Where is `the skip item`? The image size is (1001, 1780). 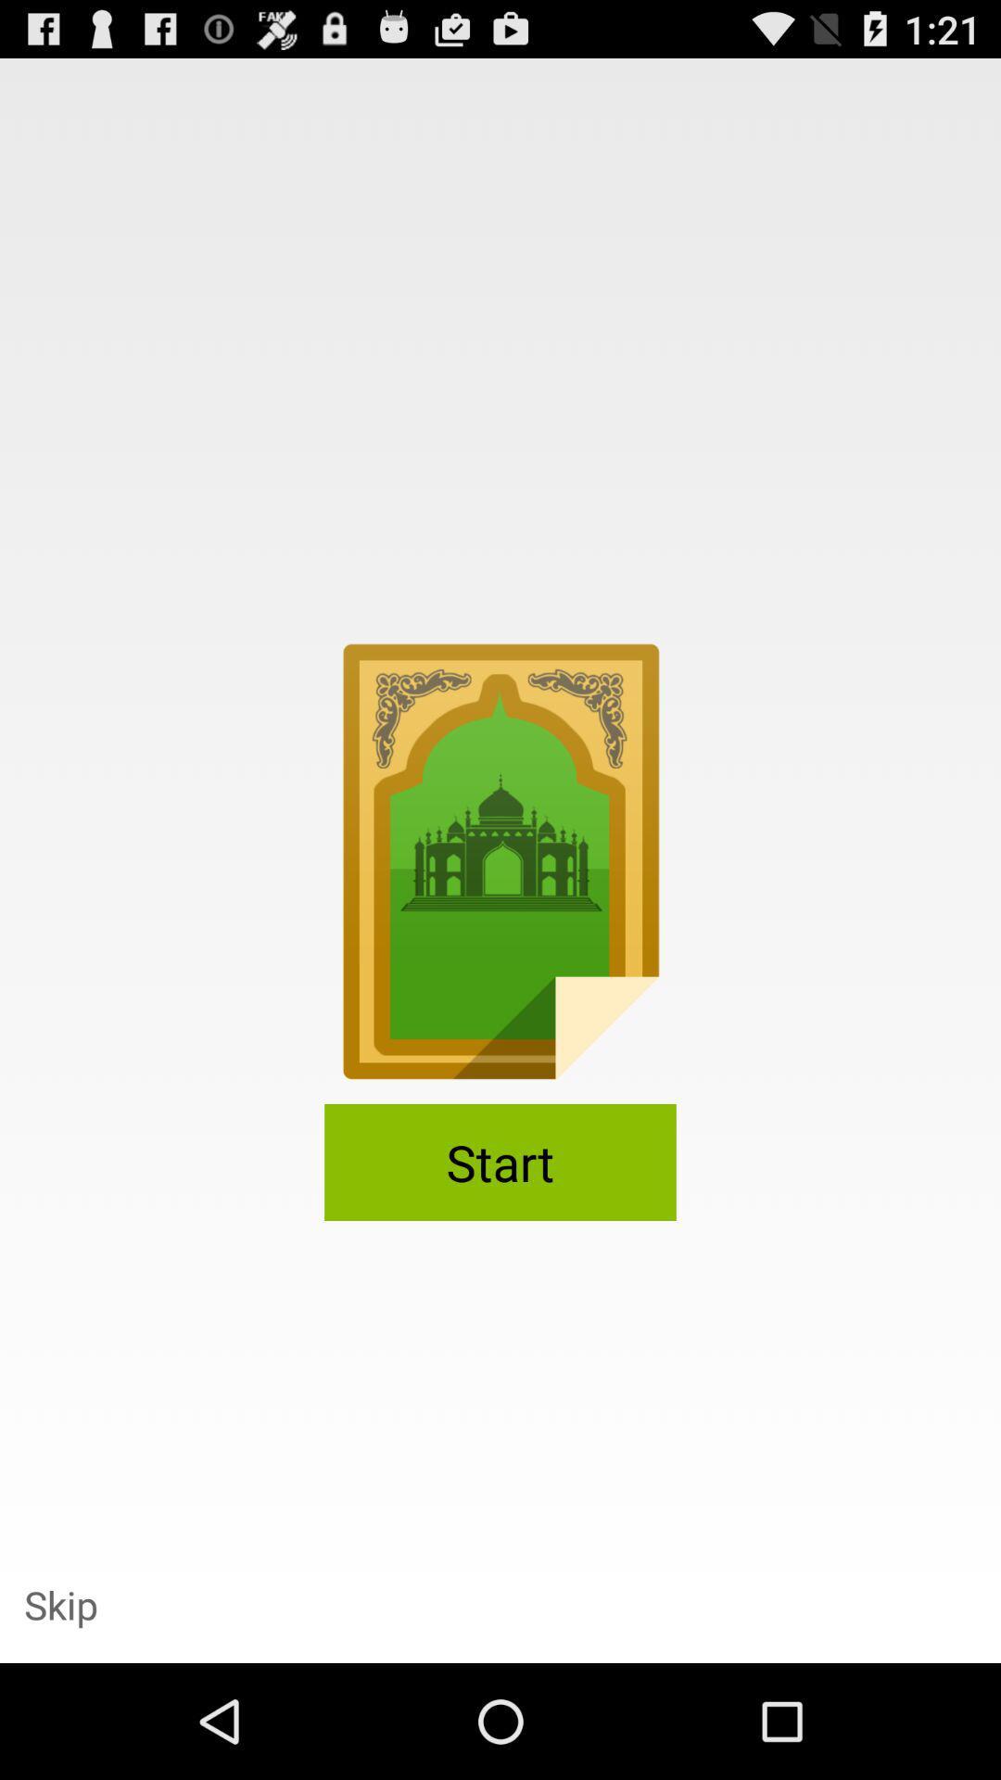
the skip item is located at coordinates (59, 1604).